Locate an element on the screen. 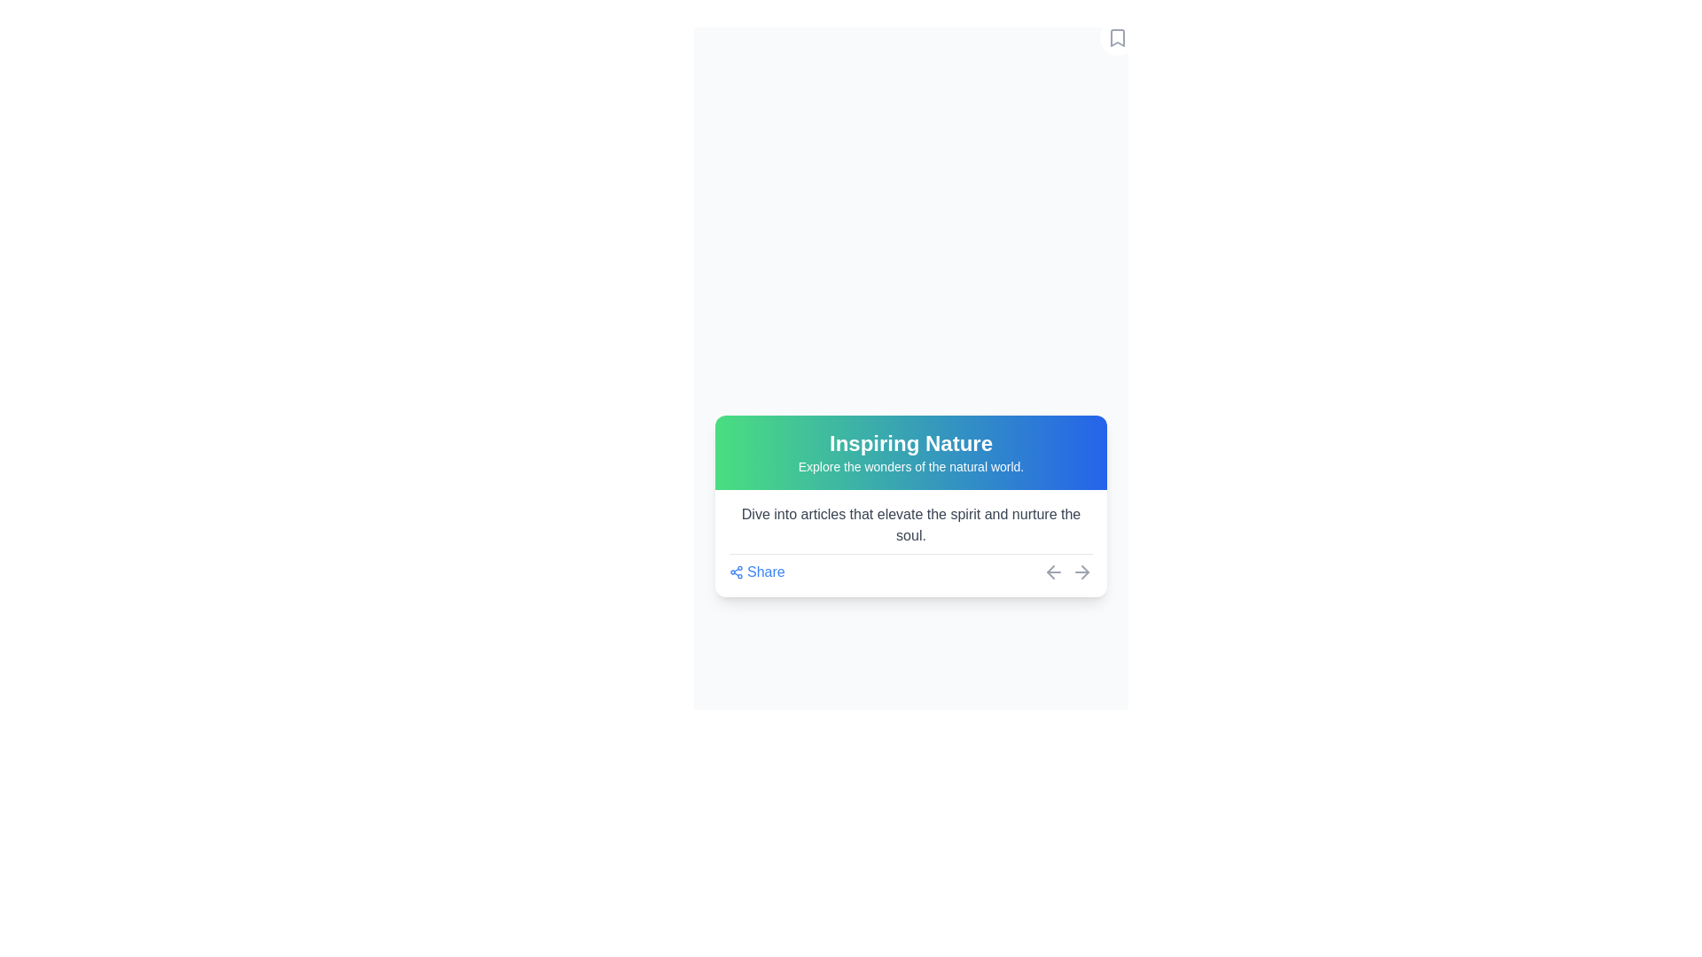 The image size is (1702, 957). the bookmark icon located in the top-right corner of the interface is located at coordinates (1117, 37).